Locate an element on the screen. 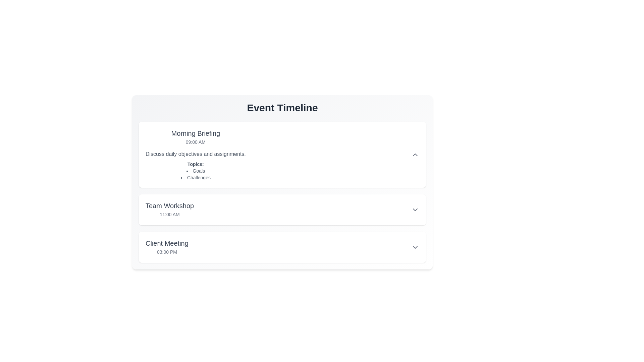 This screenshot has height=362, width=644. the text label displaying '11:00 AM', which is located below the header 'Team Workshop' in the event information layout is located at coordinates (170, 215).